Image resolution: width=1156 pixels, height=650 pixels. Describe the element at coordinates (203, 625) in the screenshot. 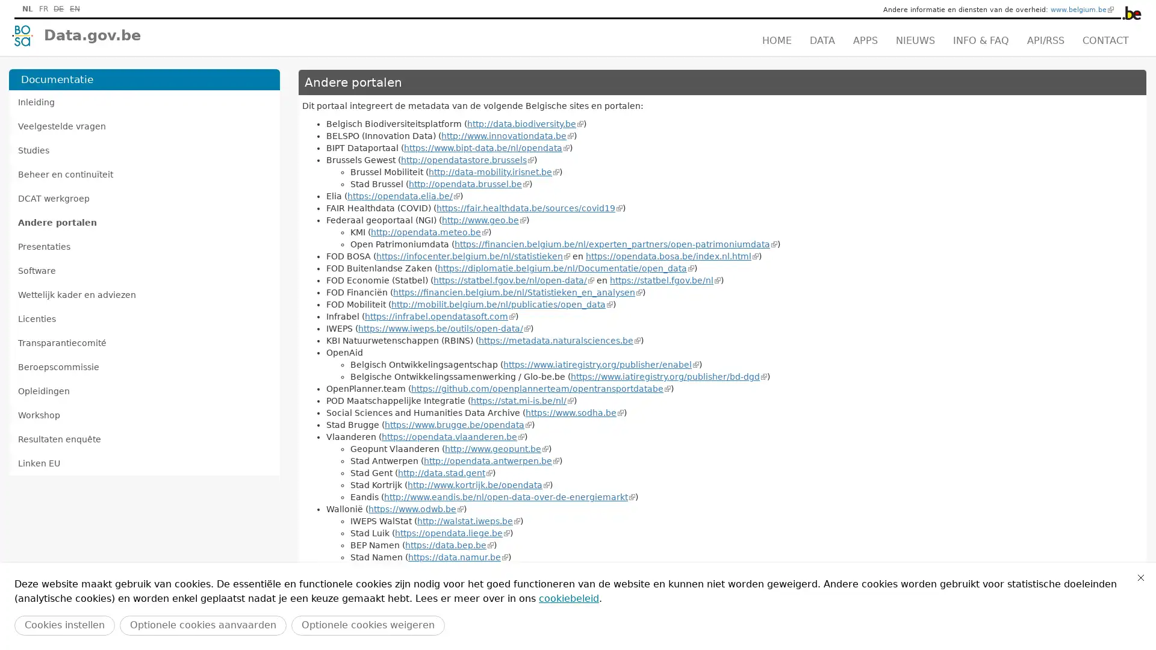

I see `Optionele cookies aanvaarden` at that location.